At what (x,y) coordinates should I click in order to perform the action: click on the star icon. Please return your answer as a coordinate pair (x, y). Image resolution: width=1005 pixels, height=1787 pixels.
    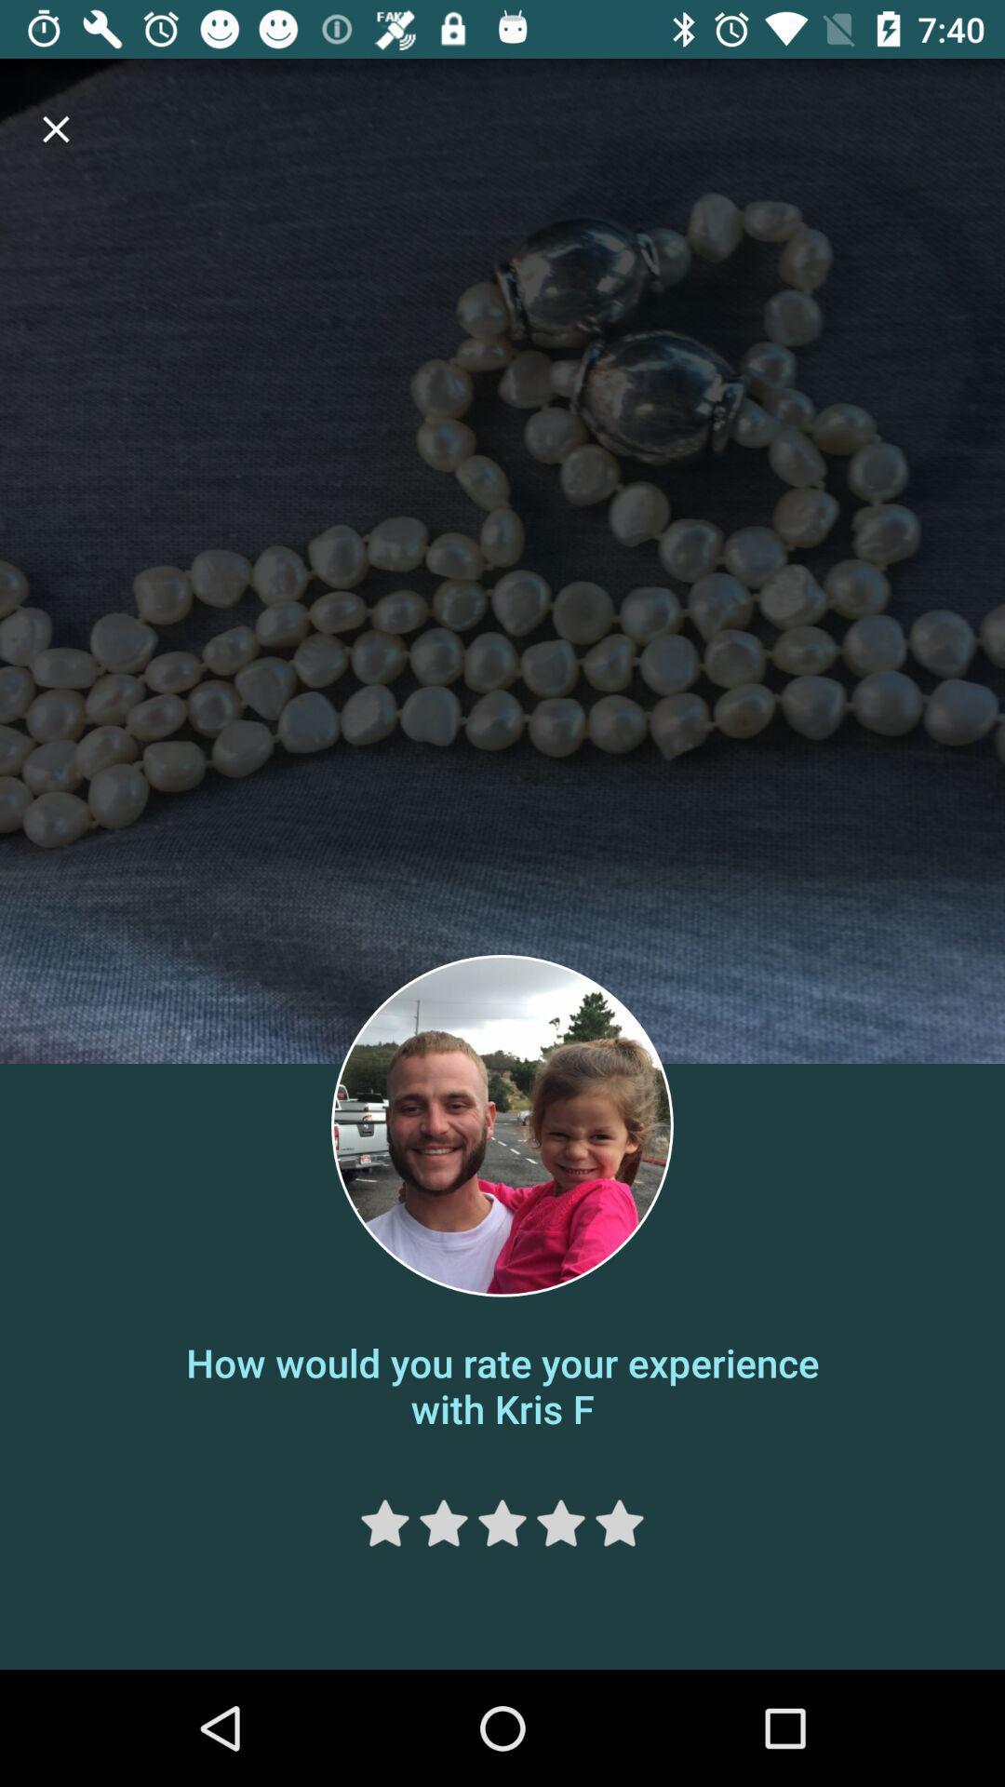
    Looking at the image, I should click on (502, 1523).